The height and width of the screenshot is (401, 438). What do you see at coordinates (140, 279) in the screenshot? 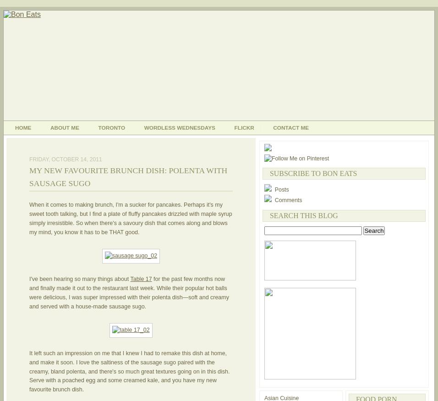
I see `'Table 17'` at bounding box center [140, 279].